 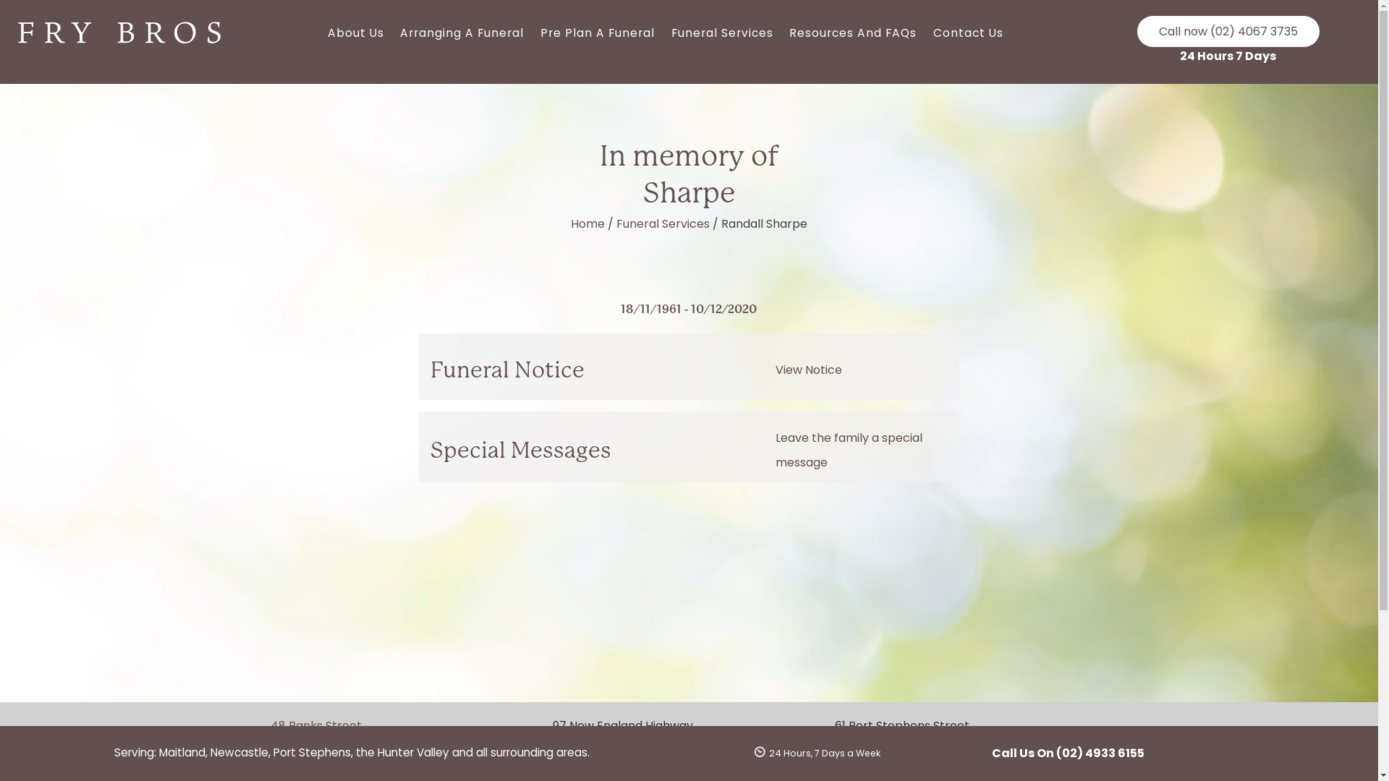 I want to click on 'Contact Us', so click(x=969, y=33).